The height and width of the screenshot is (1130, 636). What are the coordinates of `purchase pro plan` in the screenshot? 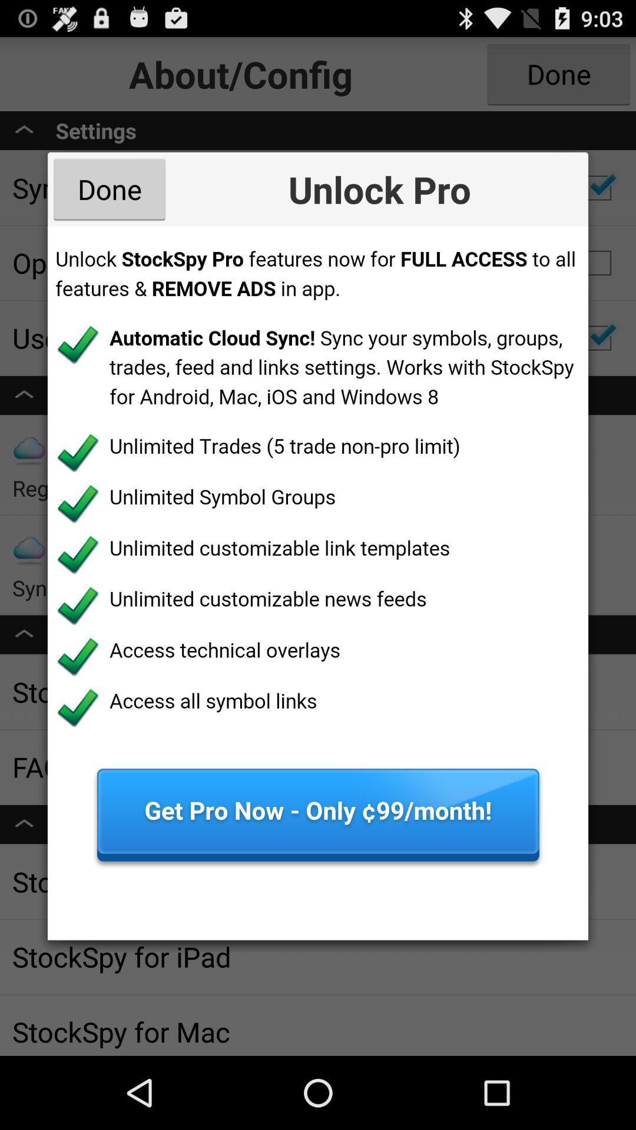 It's located at (318, 583).